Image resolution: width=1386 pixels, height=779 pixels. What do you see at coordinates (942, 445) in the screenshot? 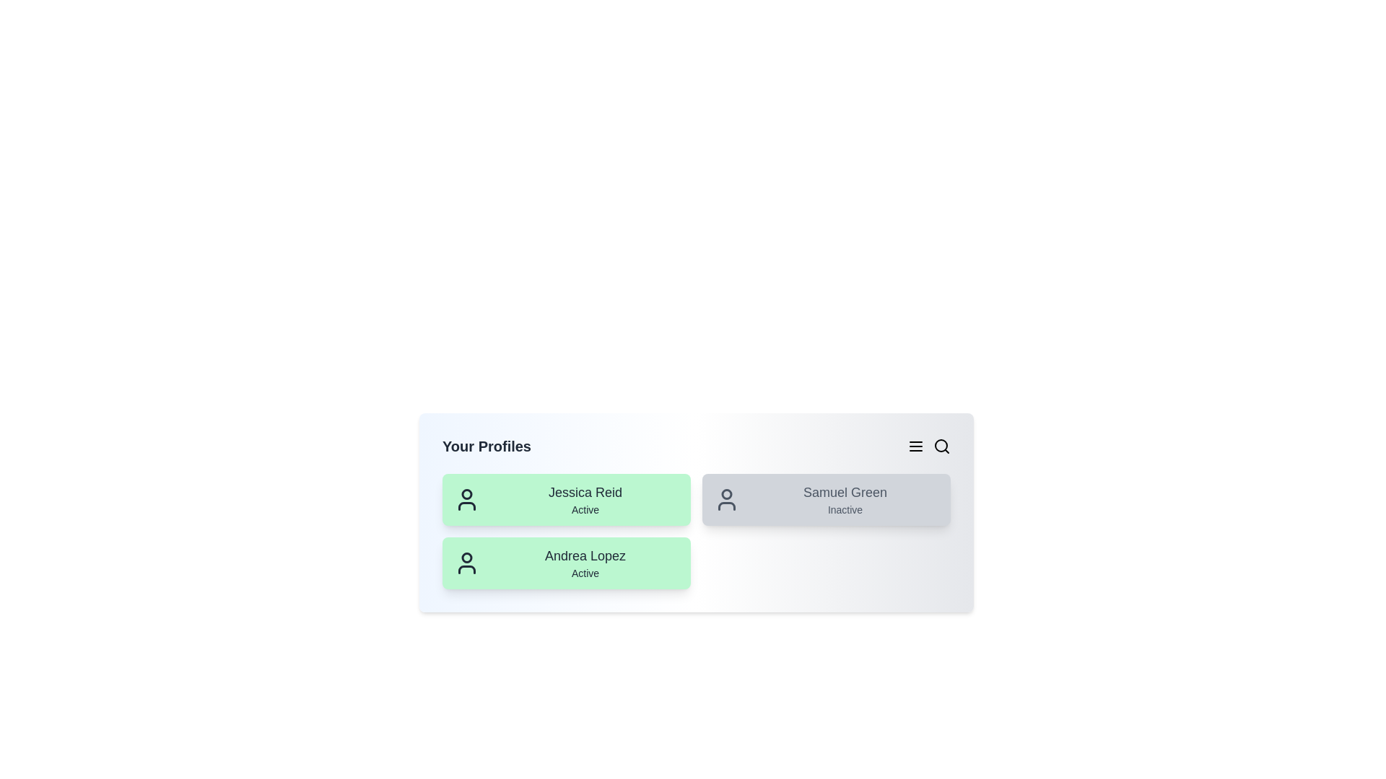
I see `the search icon to initiate a search` at bounding box center [942, 445].